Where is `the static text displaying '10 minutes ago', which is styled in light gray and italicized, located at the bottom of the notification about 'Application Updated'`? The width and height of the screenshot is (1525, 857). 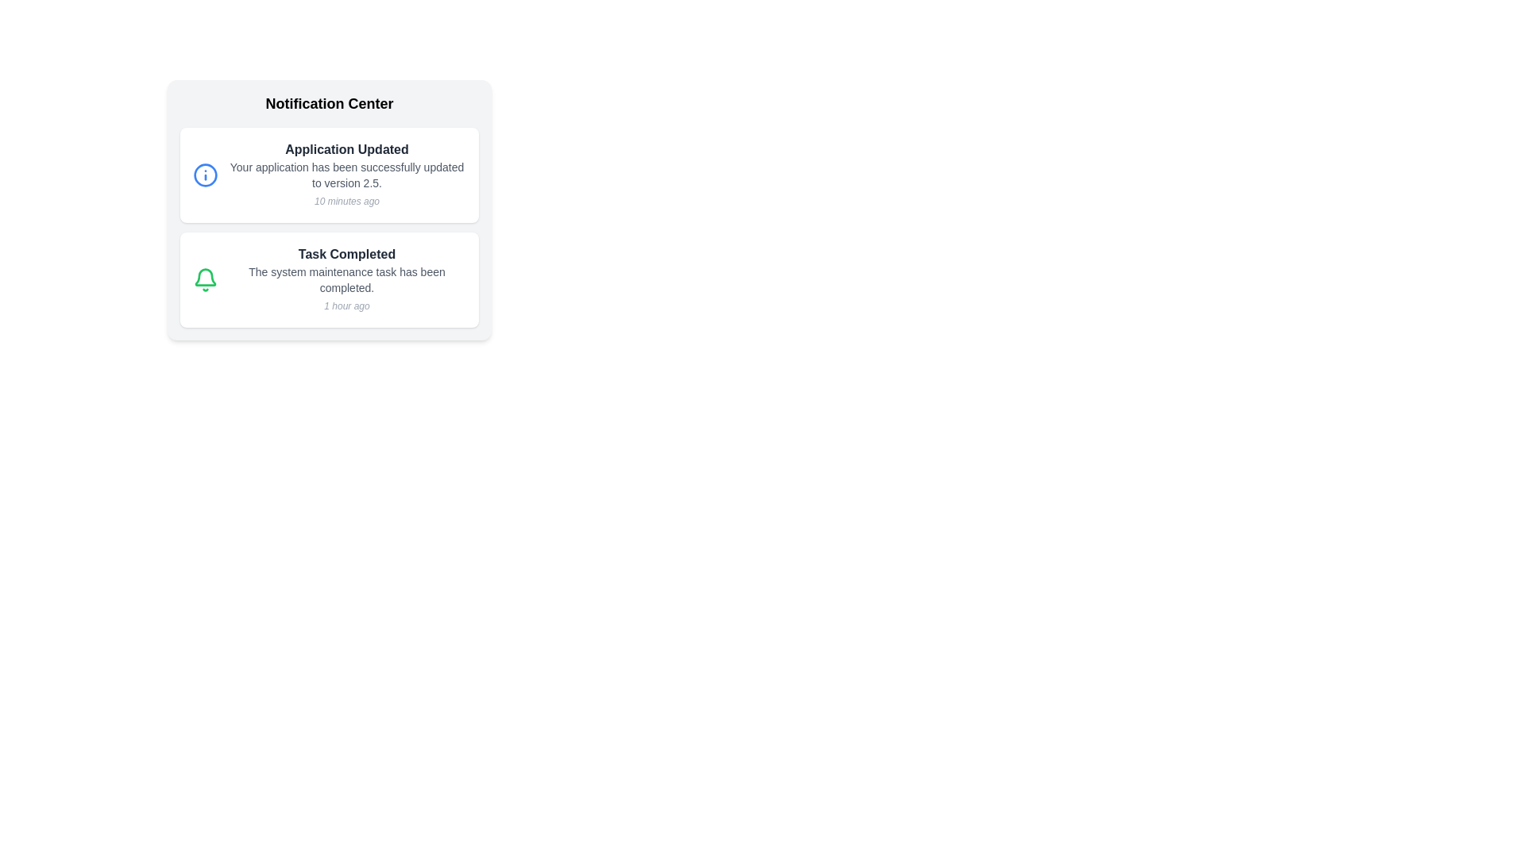 the static text displaying '10 minutes ago', which is styled in light gray and italicized, located at the bottom of the notification about 'Application Updated' is located at coordinates (346, 201).